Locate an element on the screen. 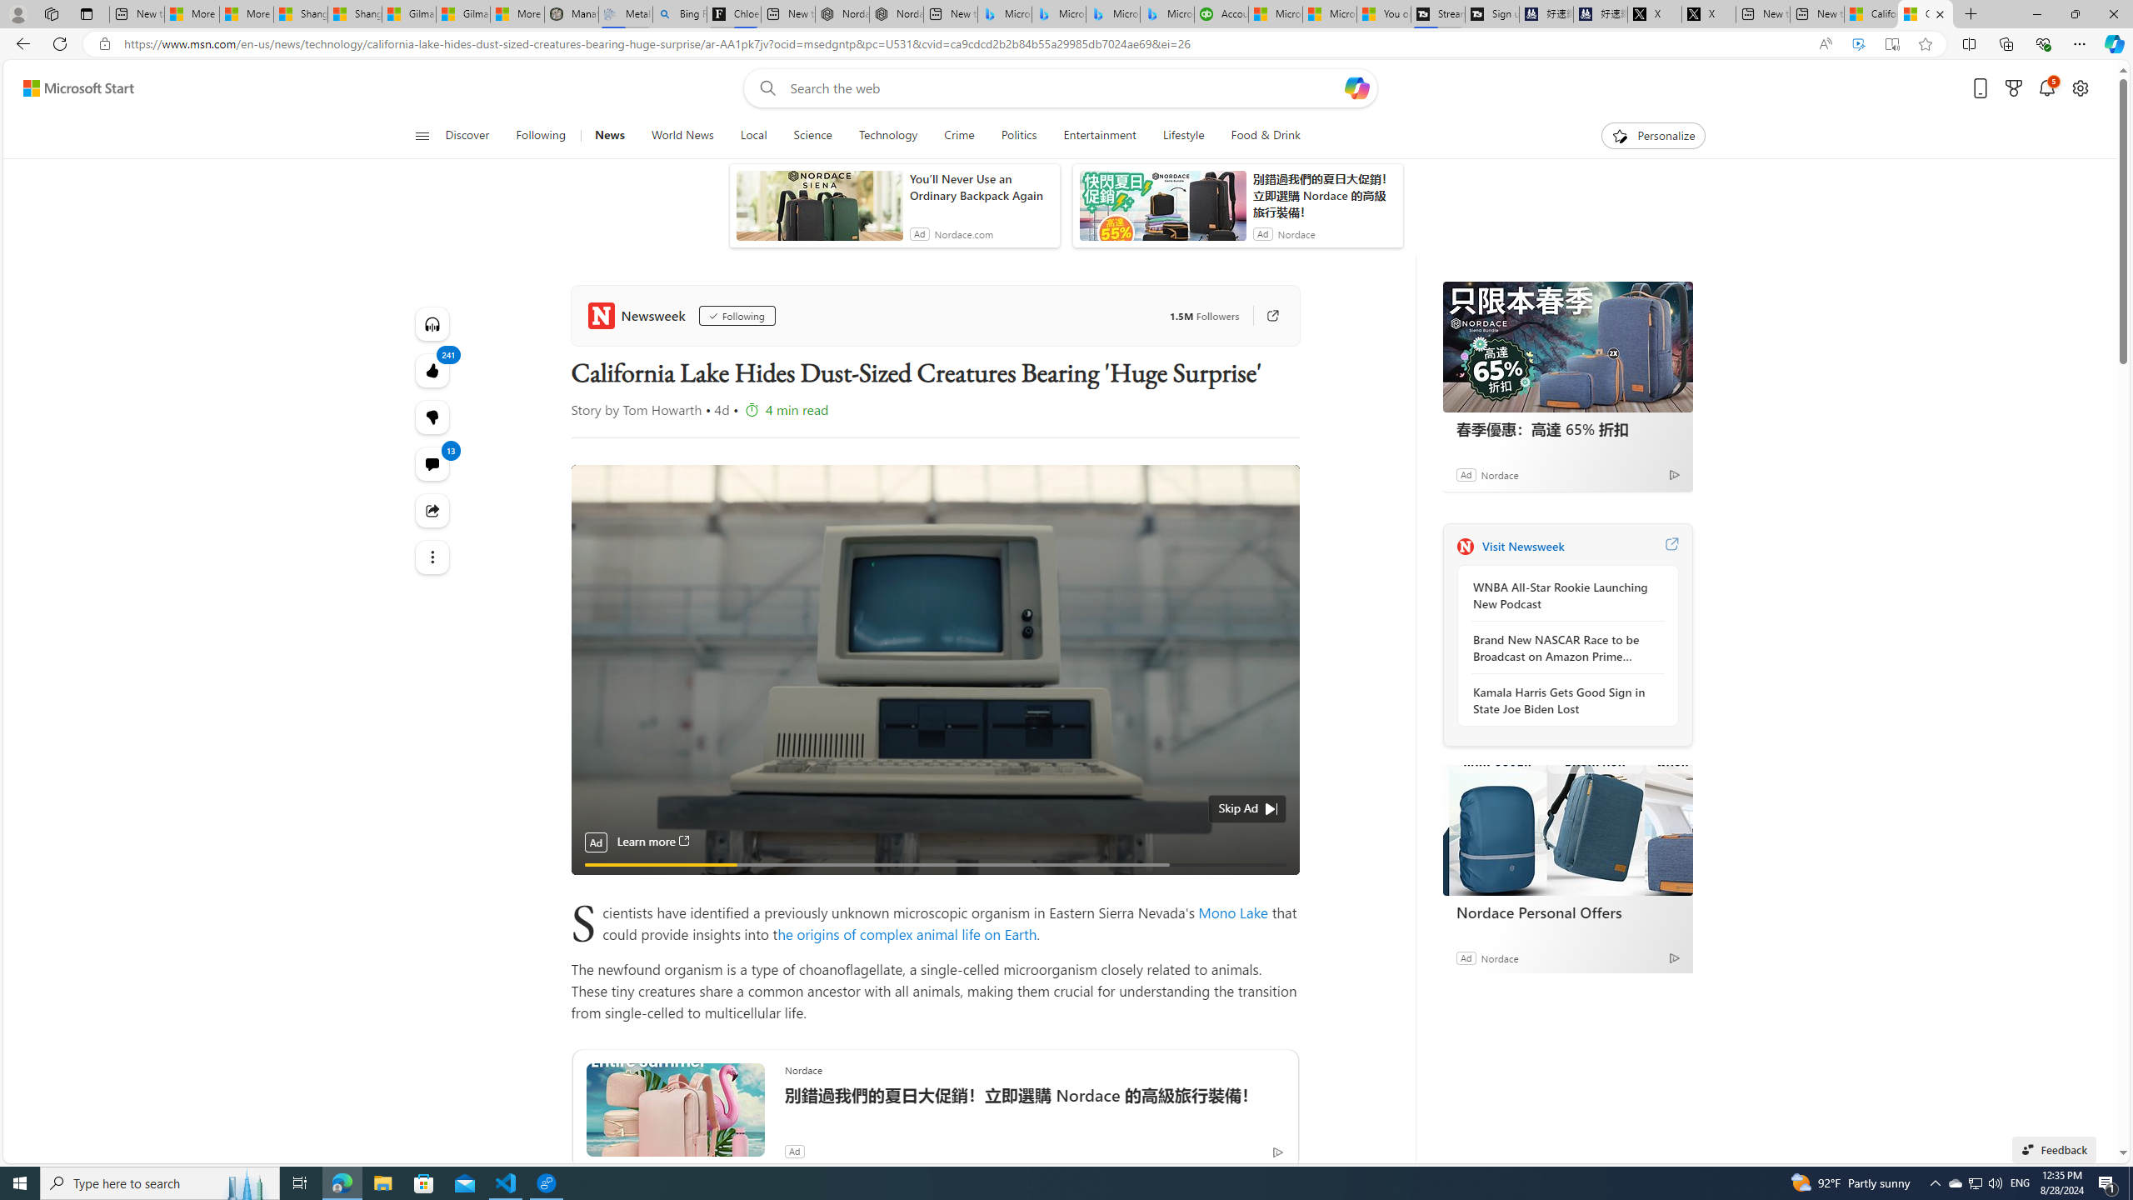 The height and width of the screenshot is (1200, 2133). 'Kamala Harris Gets Good Sign in State Joe Biden Lost' is located at coordinates (1562, 699).